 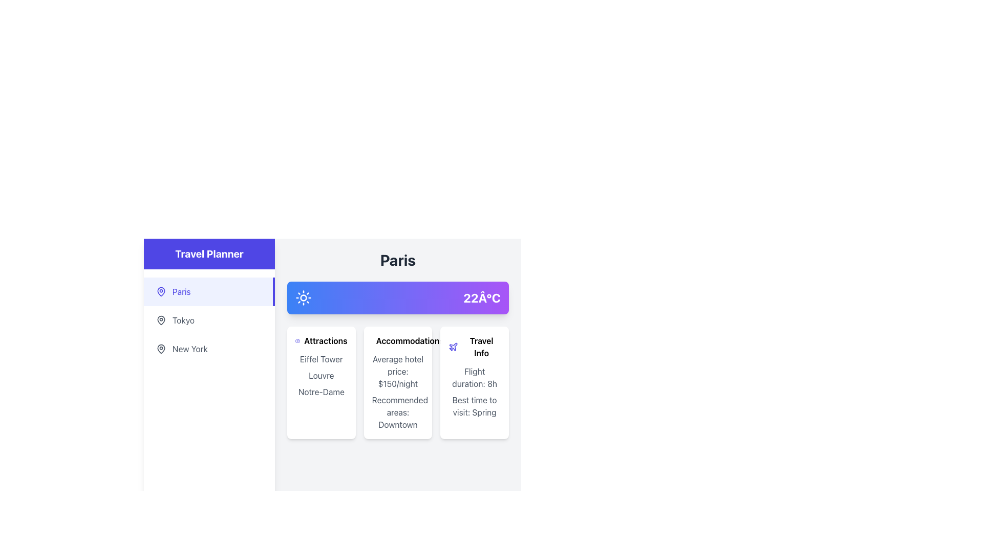 I want to click on the text content displaying 'Flight duration: 8h' and 'Best time to visit: Spring' located in the 'Travel Info' card, which is below the title 'Travel Info' and the plane icon, so click(x=474, y=392).